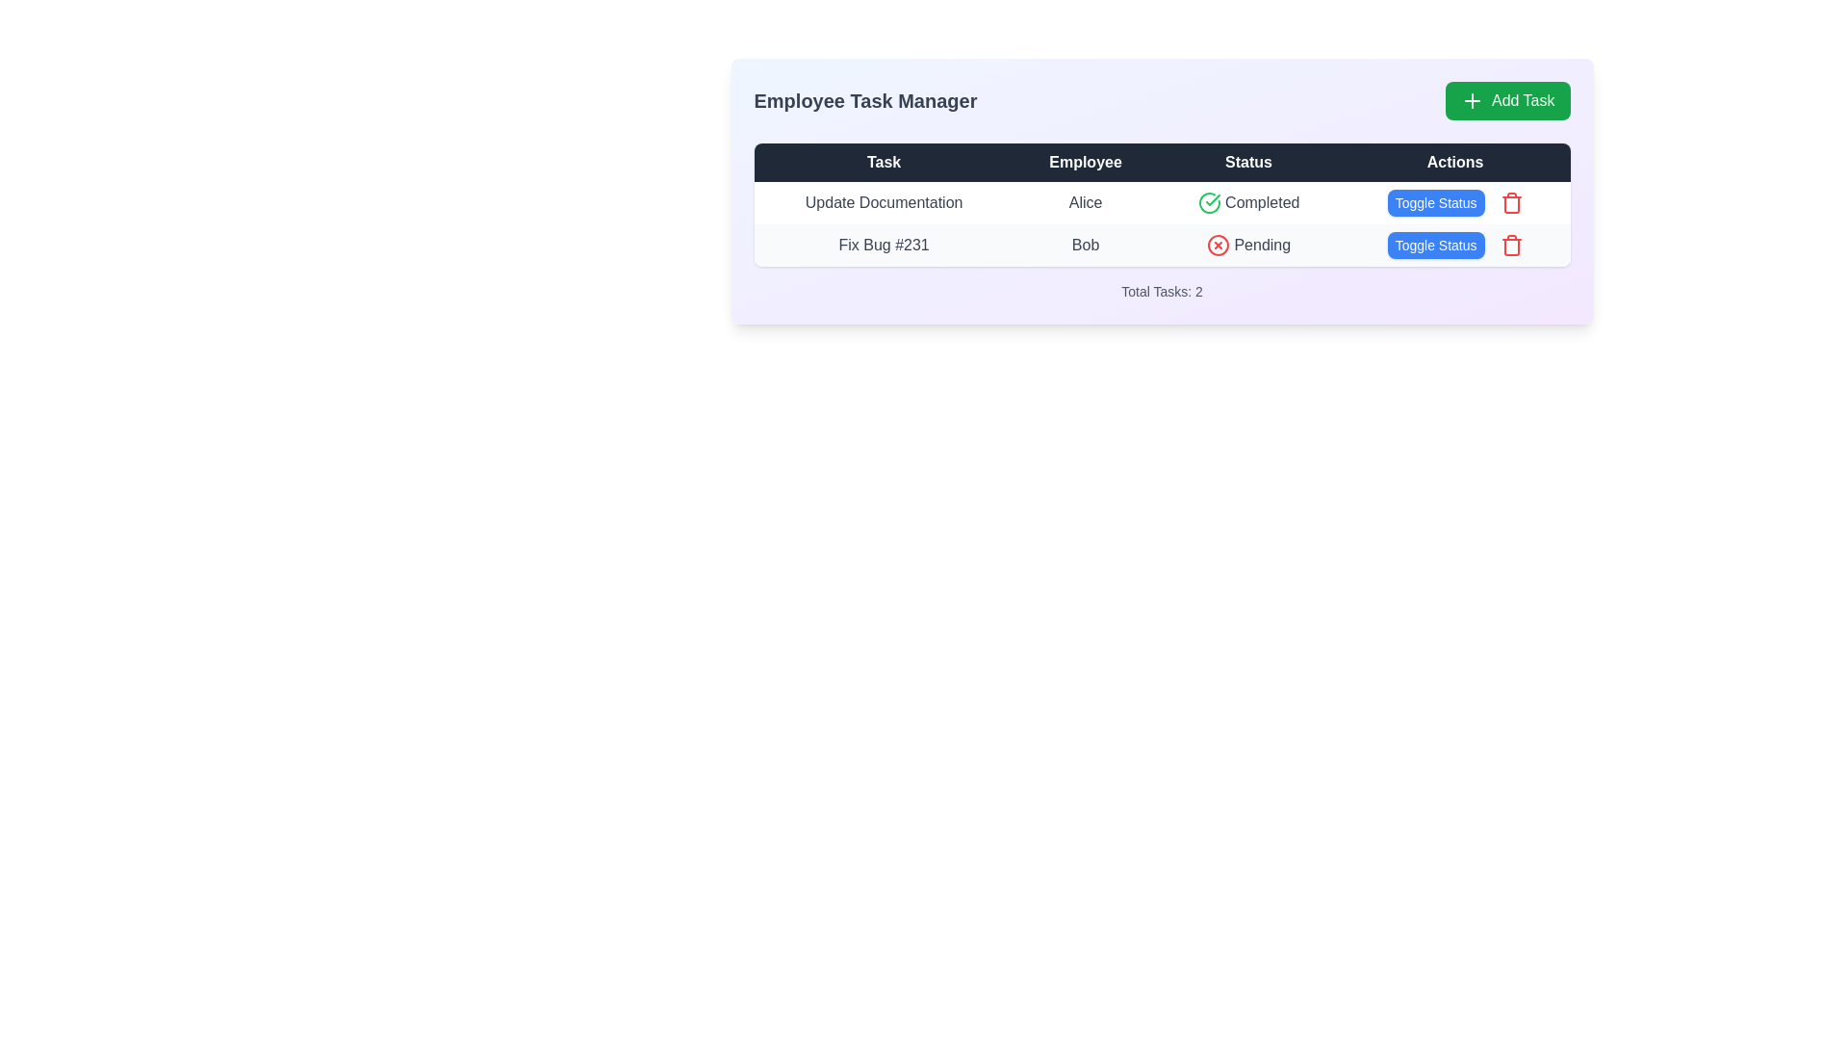 The height and width of the screenshot is (1040, 1848). What do you see at coordinates (1472, 100) in the screenshot?
I see `the plus icon with a green background and white borders located in the top-right corner of the application` at bounding box center [1472, 100].